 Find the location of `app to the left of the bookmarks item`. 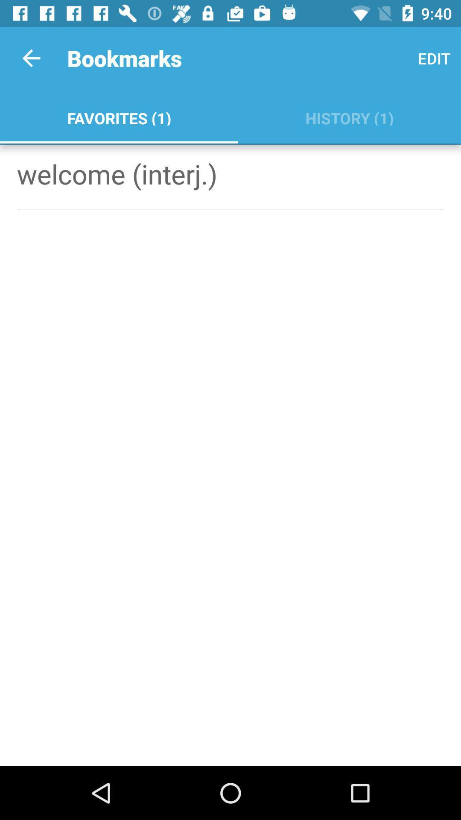

app to the left of the bookmarks item is located at coordinates (31, 58).